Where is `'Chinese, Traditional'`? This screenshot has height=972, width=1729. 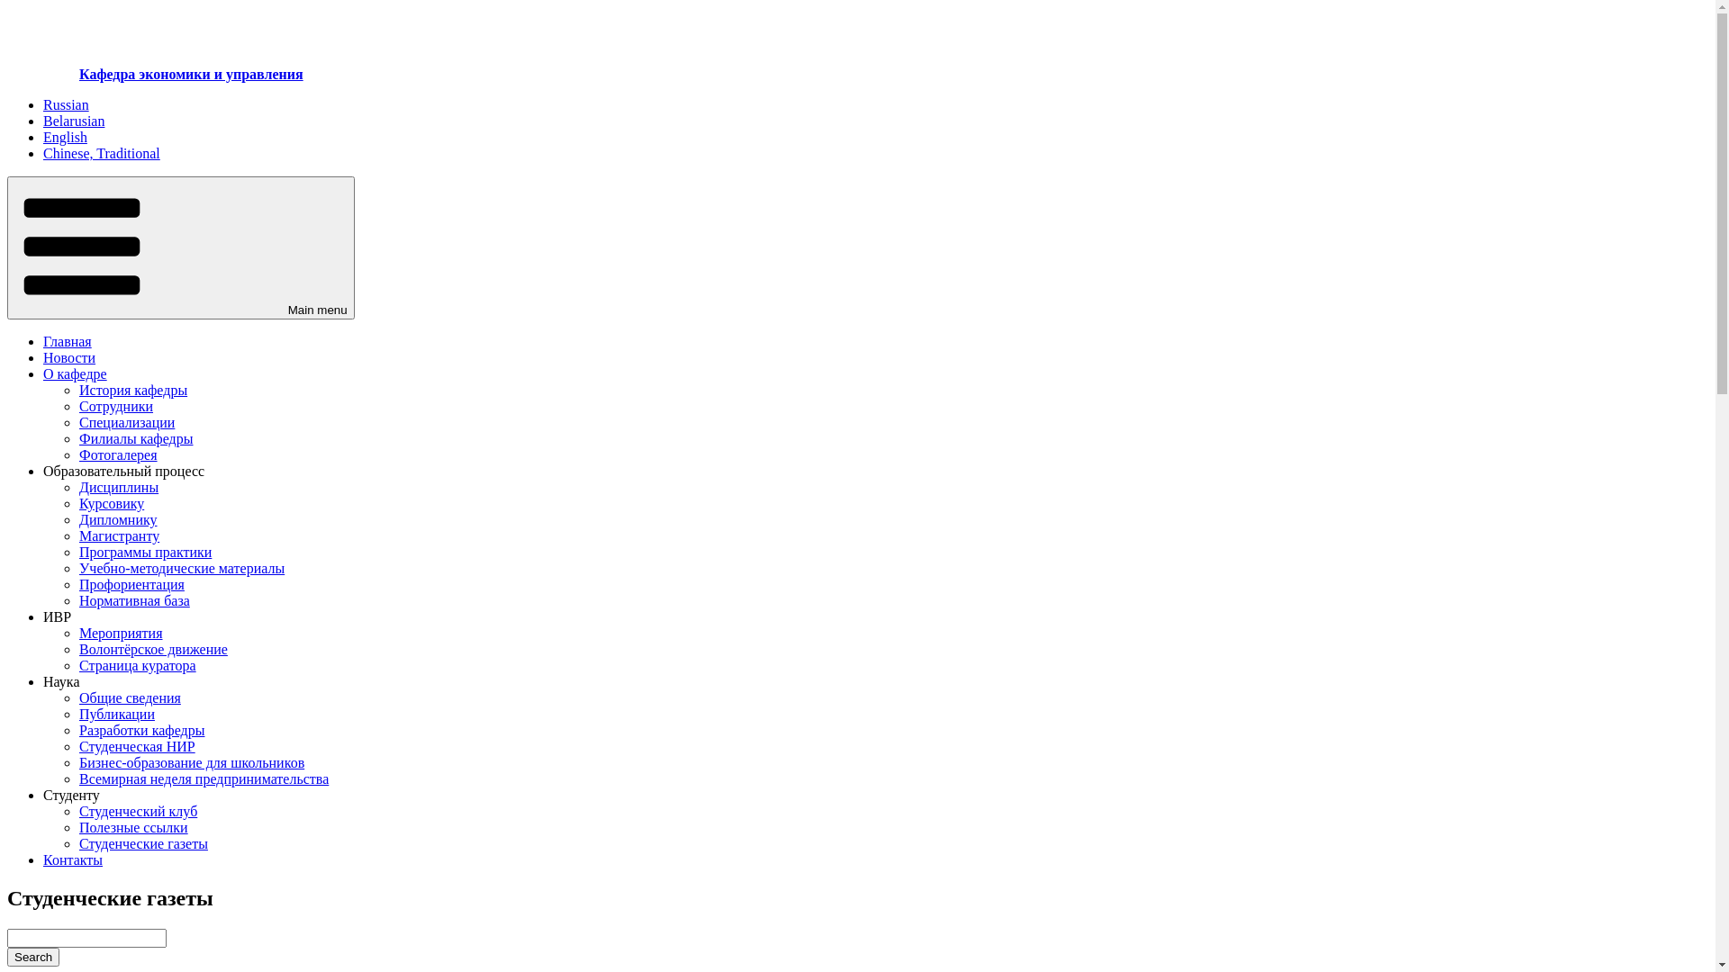 'Chinese, Traditional' is located at coordinates (43, 152).